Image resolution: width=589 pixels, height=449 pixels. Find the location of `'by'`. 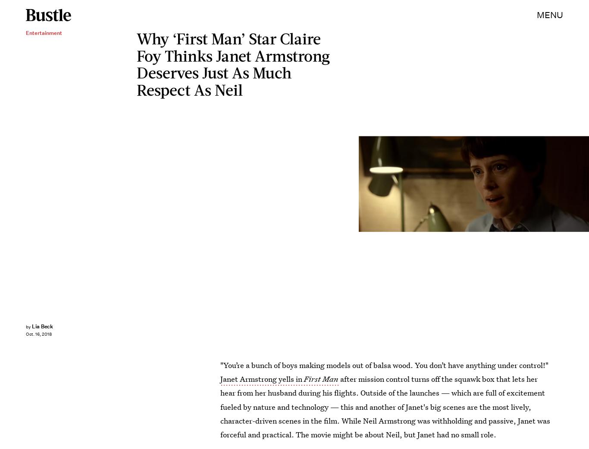

'by' is located at coordinates (28, 326).